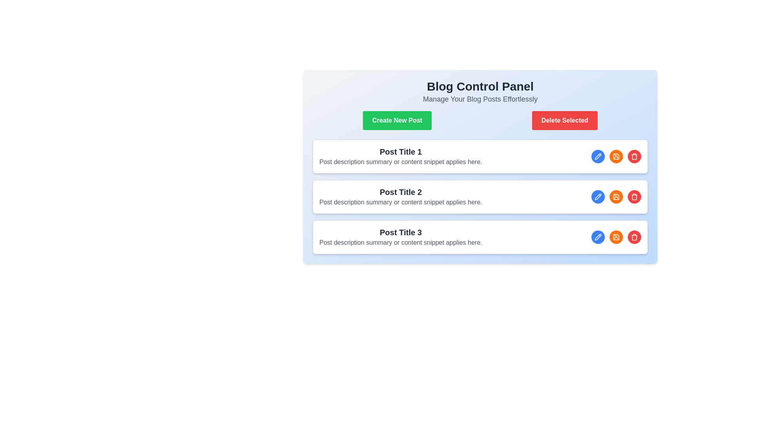 The image size is (759, 427). What do you see at coordinates (598, 157) in the screenshot?
I see `the circular blue button with a white pencil icon` at bounding box center [598, 157].